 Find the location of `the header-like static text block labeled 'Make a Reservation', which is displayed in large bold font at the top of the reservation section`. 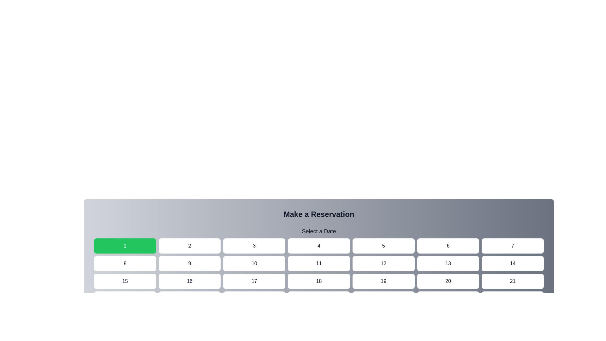

the header-like static text block labeled 'Make a Reservation', which is displayed in large bold font at the top of the reservation section is located at coordinates (319, 214).